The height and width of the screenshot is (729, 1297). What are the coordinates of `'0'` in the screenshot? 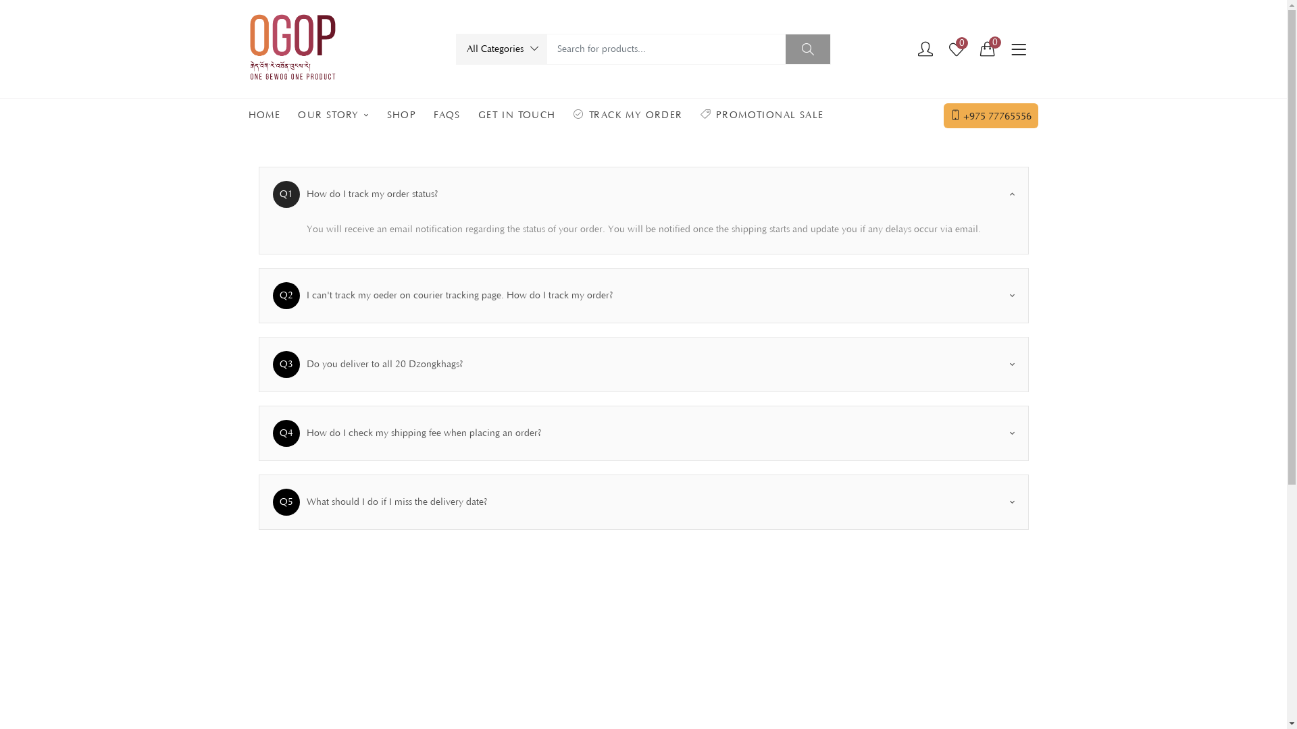 It's located at (988, 48).